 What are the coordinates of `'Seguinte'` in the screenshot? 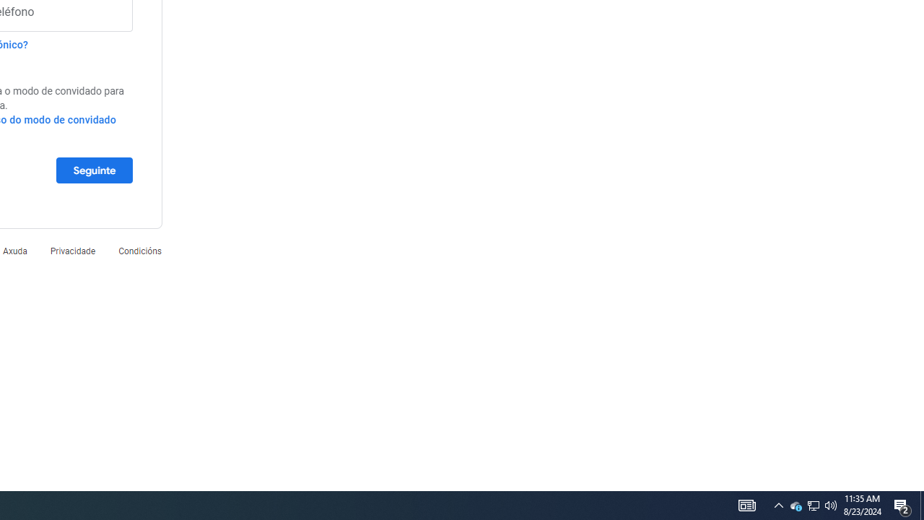 It's located at (93, 169).